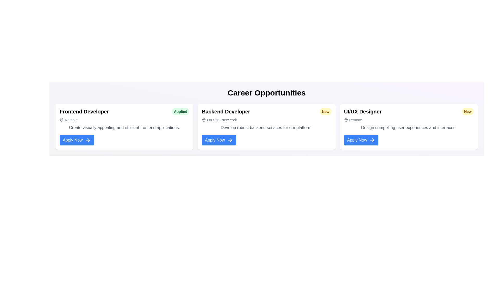 Image resolution: width=500 pixels, height=281 pixels. Describe the element at coordinates (77, 140) in the screenshot. I see `the blue 'Apply Now' button with white text and a right-pointing arrow icon located at the bottom of the 'Frontend Developer' job listing card to trigger the hover effect that darkens the button's blue shade` at that location.